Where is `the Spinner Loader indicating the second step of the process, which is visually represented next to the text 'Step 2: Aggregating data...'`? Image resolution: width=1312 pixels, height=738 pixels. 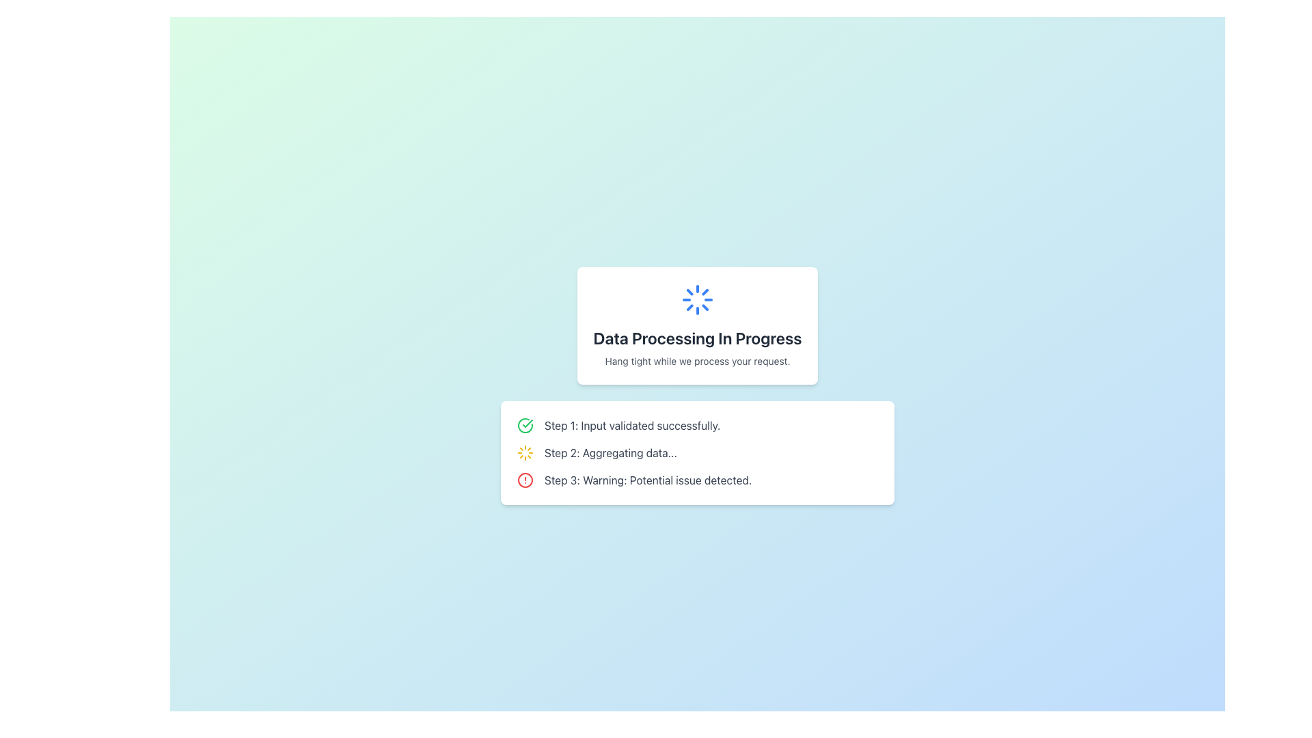
the Spinner Loader indicating the second step of the process, which is visually represented next to the text 'Step 2: Aggregating data...' is located at coordinates (524, 453).